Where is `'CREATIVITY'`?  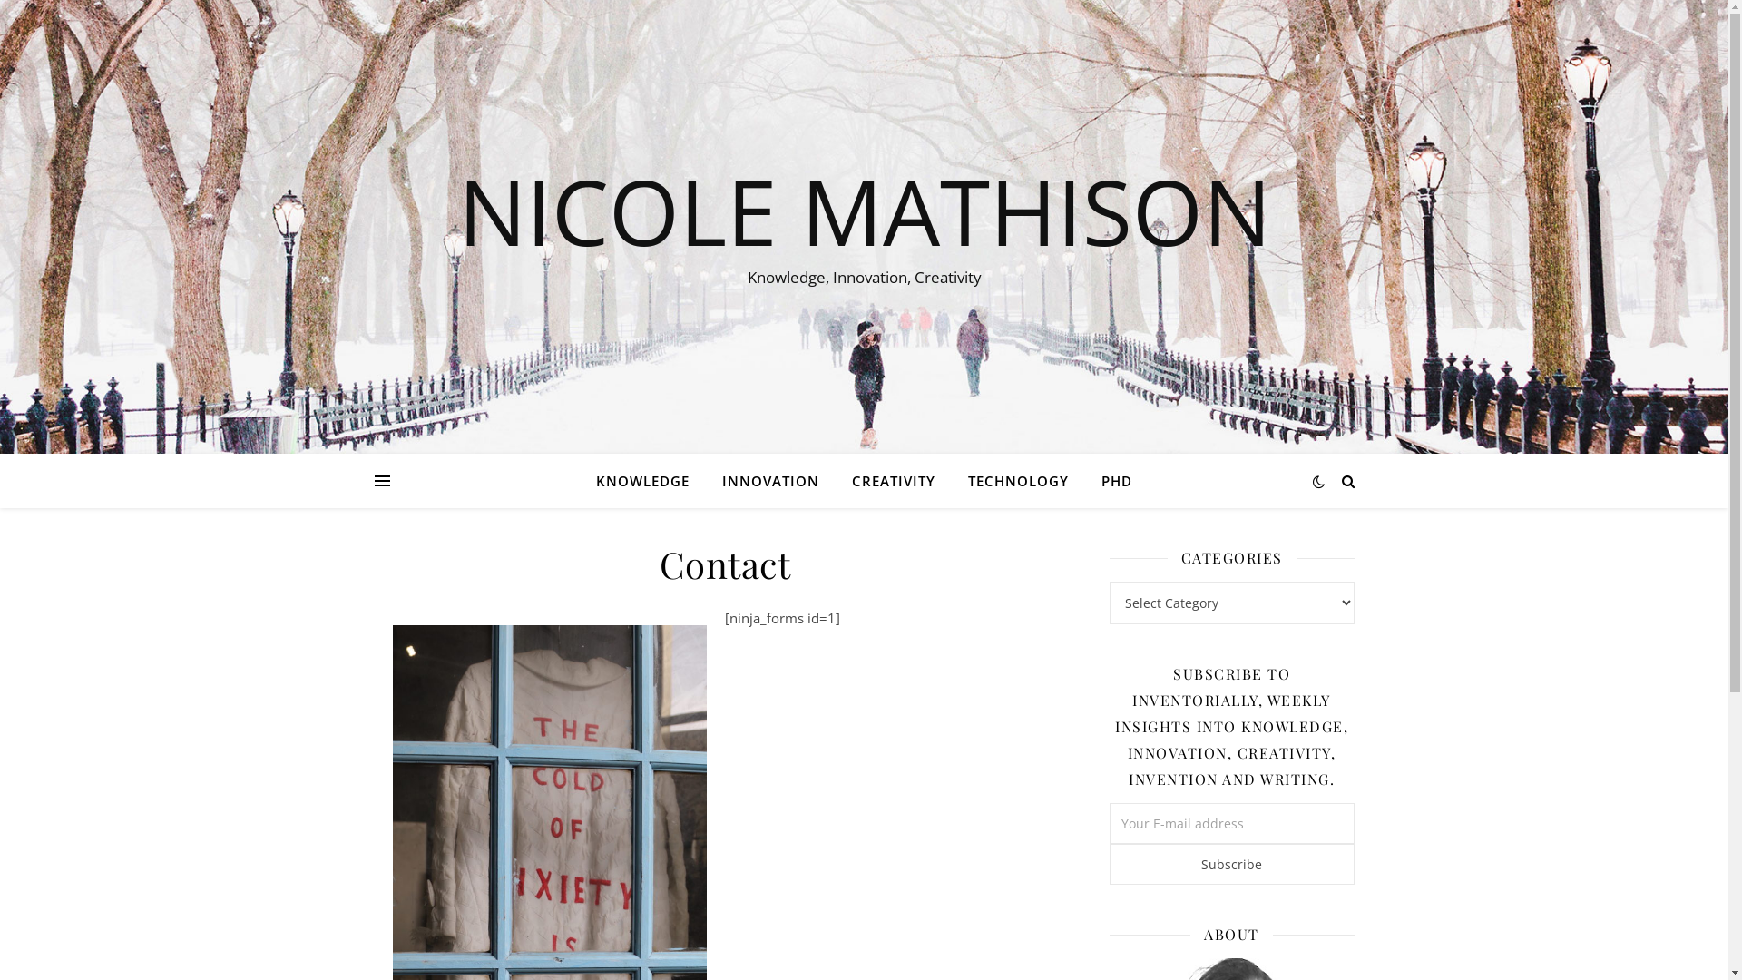 'CREATIVITY' is located at coordinates (836, 479).